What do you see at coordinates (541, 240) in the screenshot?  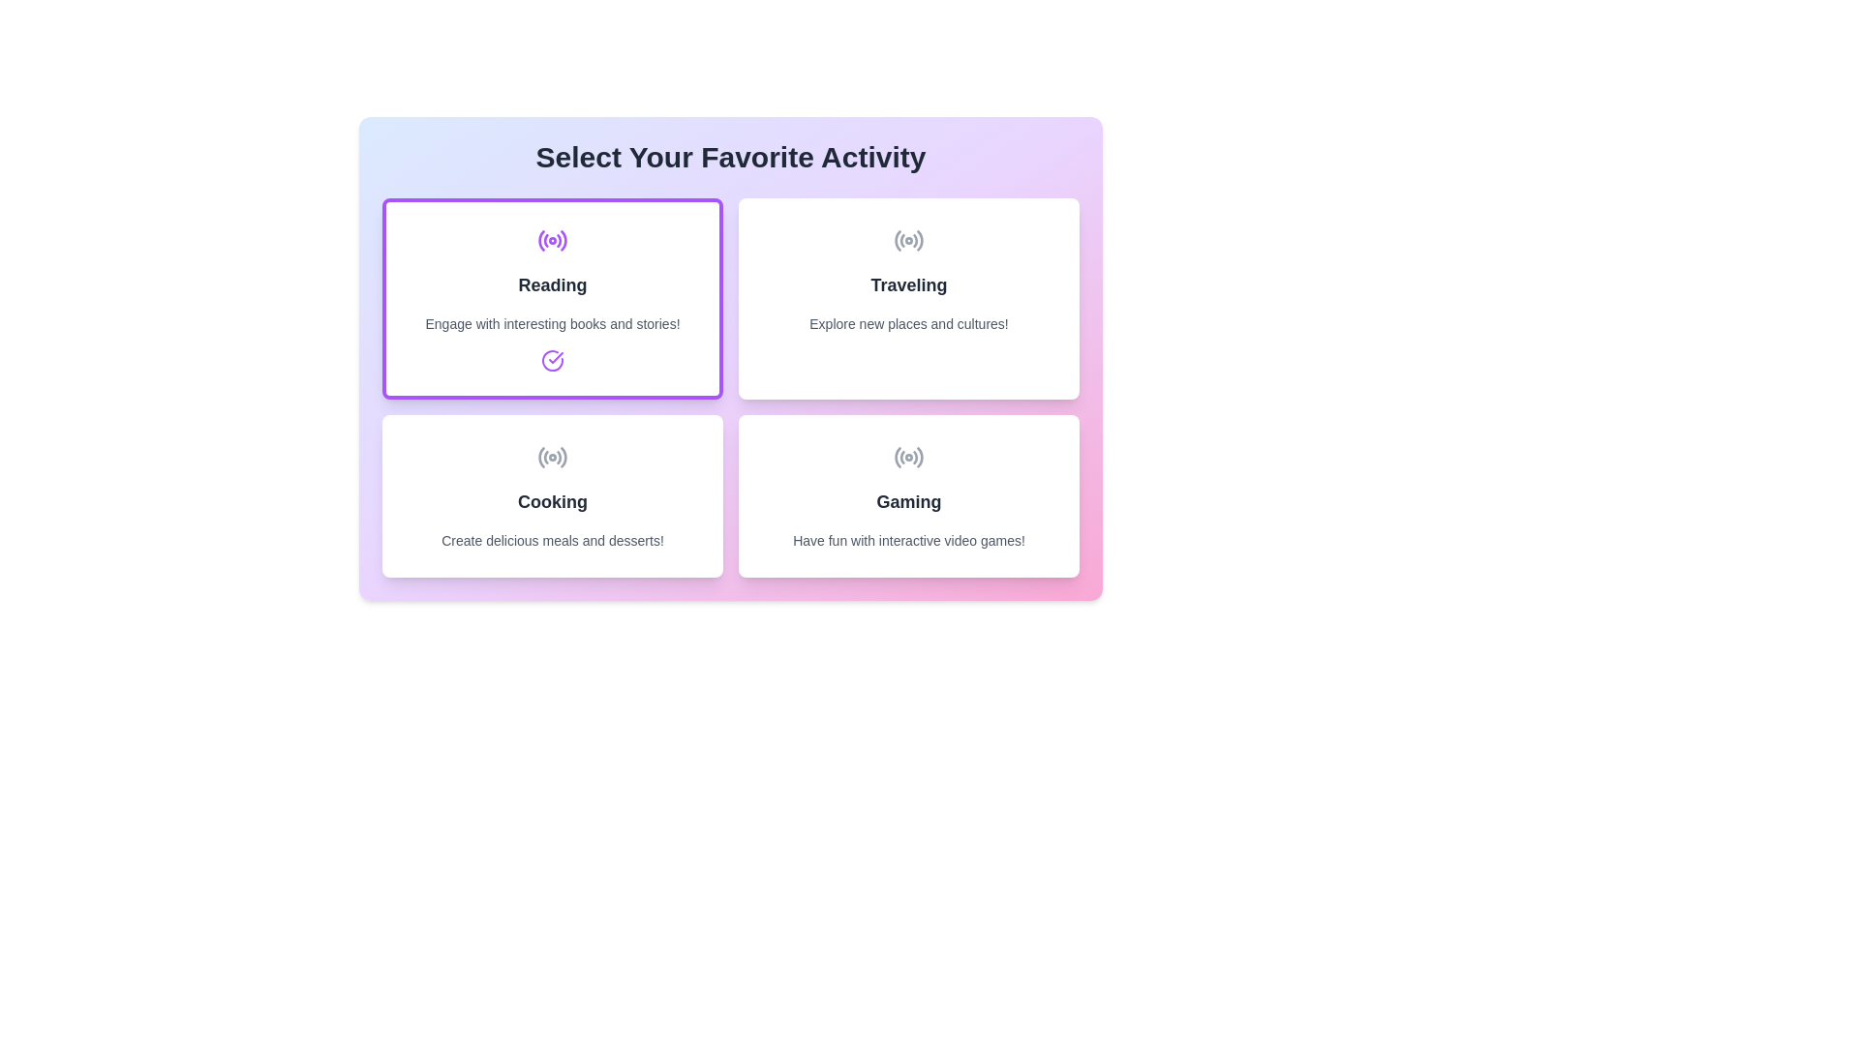 I see `the spiraling line representing radio waves in the top-left part of the radio icon` at bounding box center [541, 240].